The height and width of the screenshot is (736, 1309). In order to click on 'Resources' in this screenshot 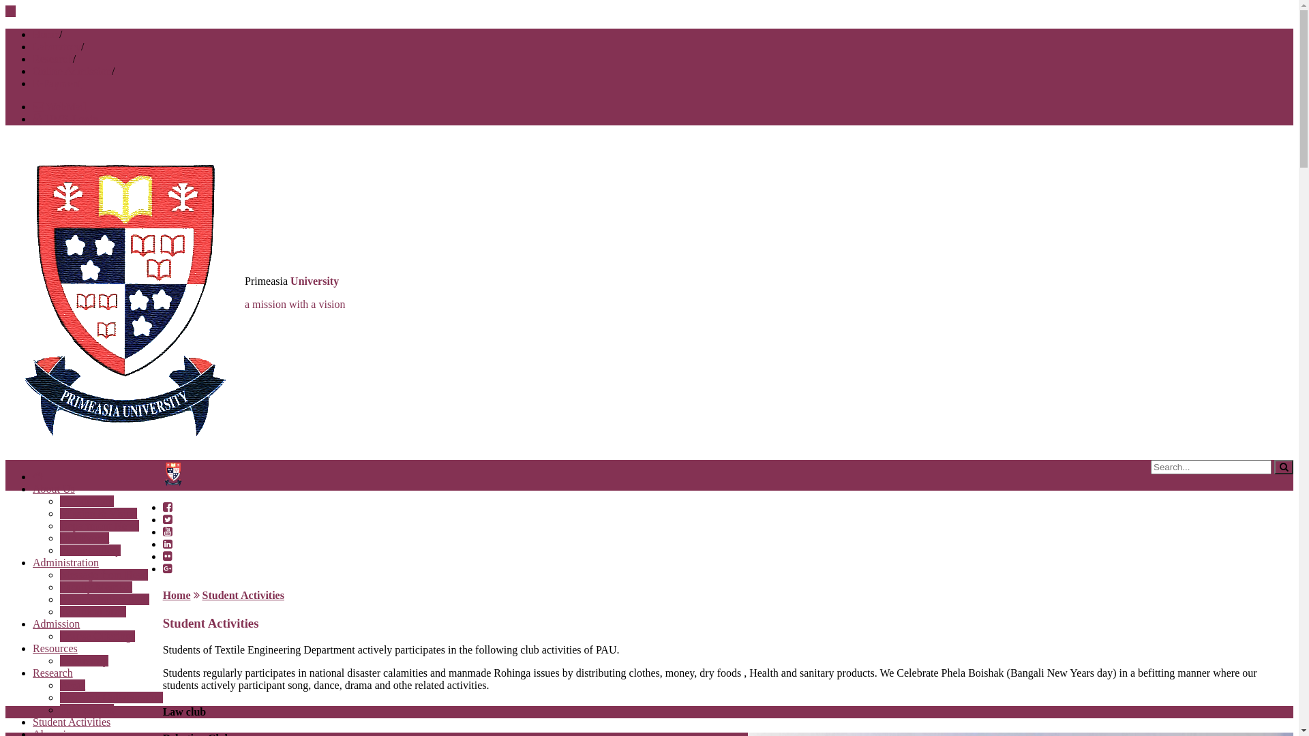, I will do `click(55, 647)`.